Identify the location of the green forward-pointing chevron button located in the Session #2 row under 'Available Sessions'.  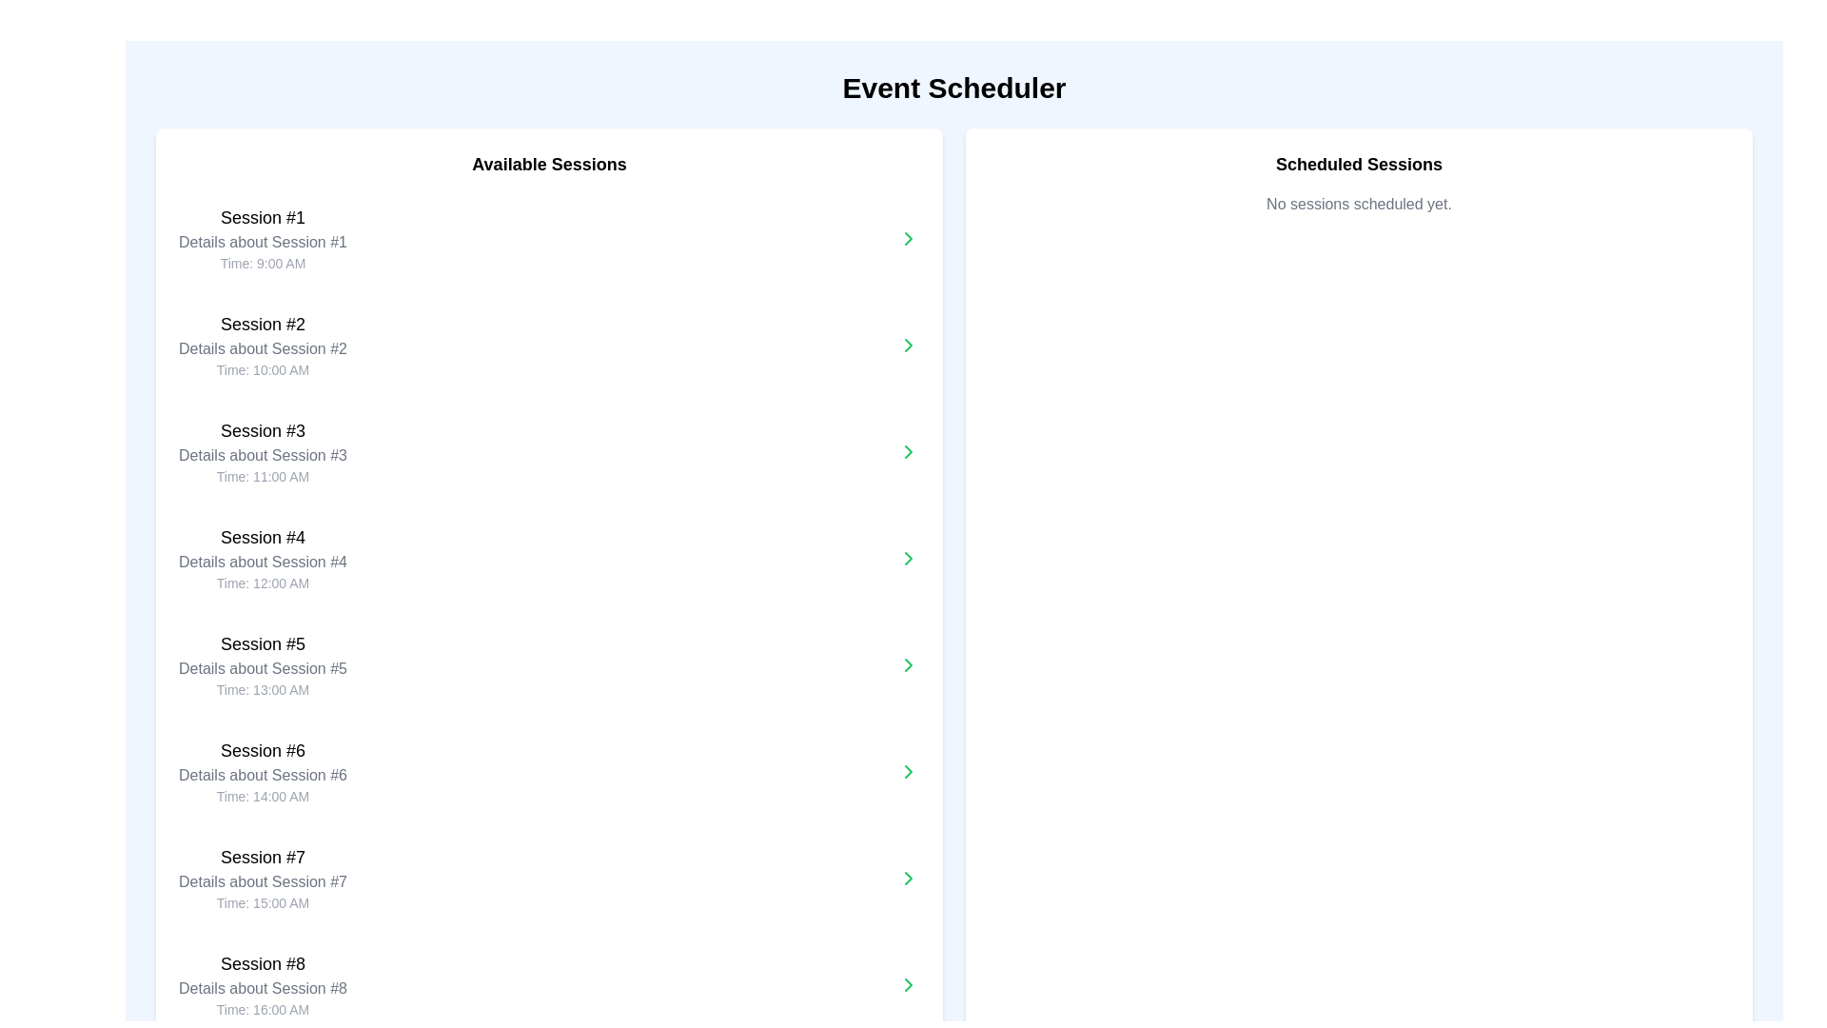
(908, 345).